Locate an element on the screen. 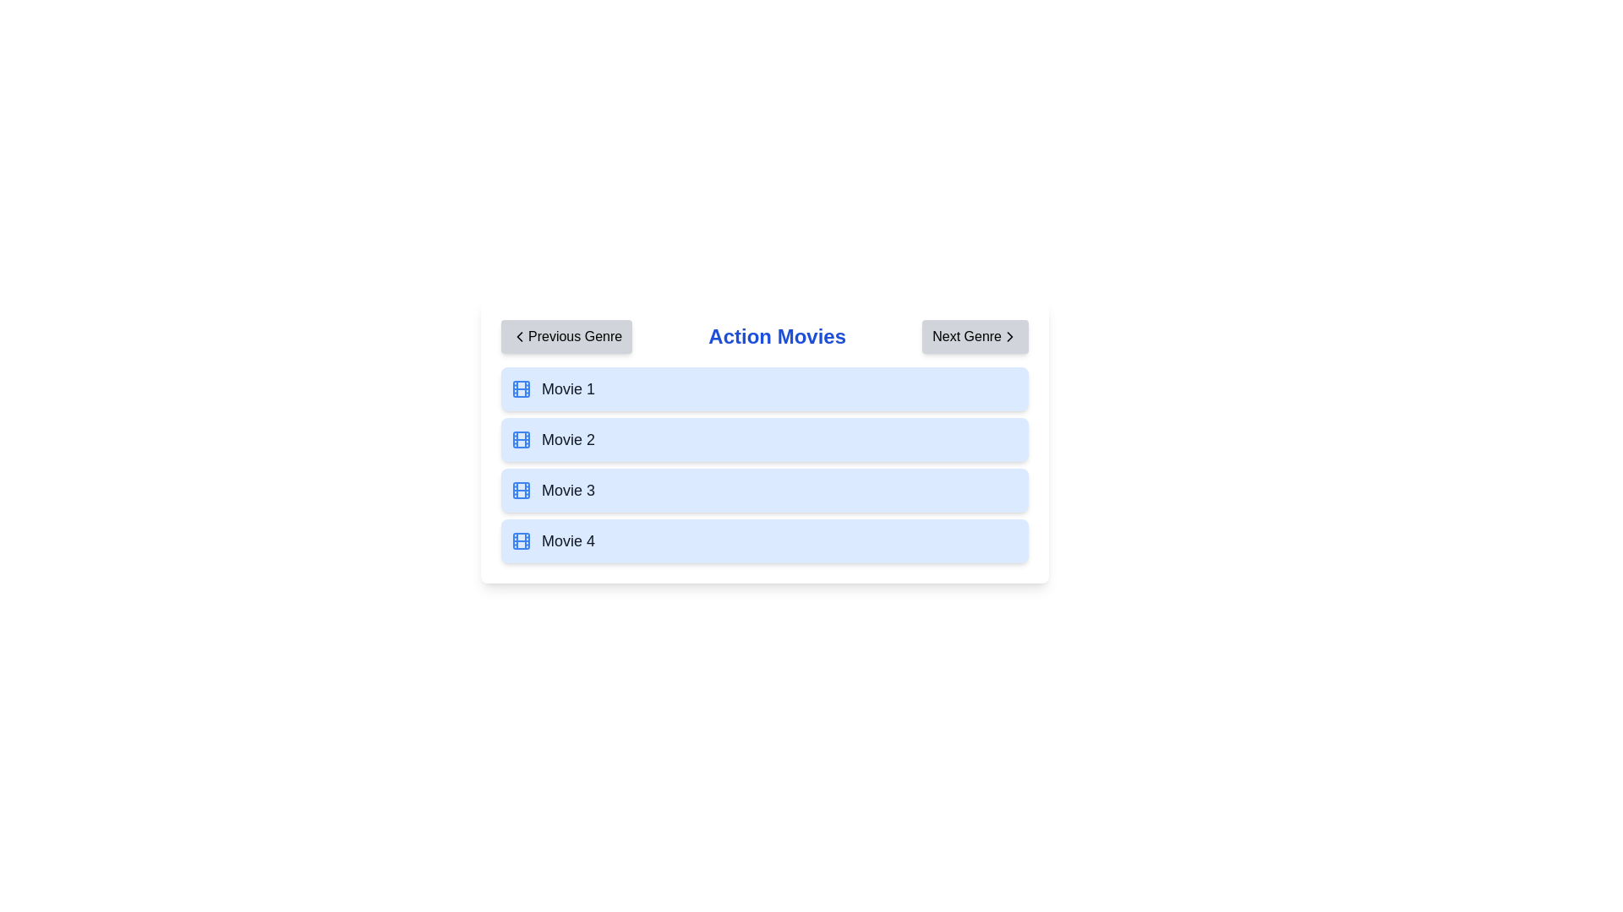  the navigation button located on the left side of the control section is located at coordinates (566, 336).